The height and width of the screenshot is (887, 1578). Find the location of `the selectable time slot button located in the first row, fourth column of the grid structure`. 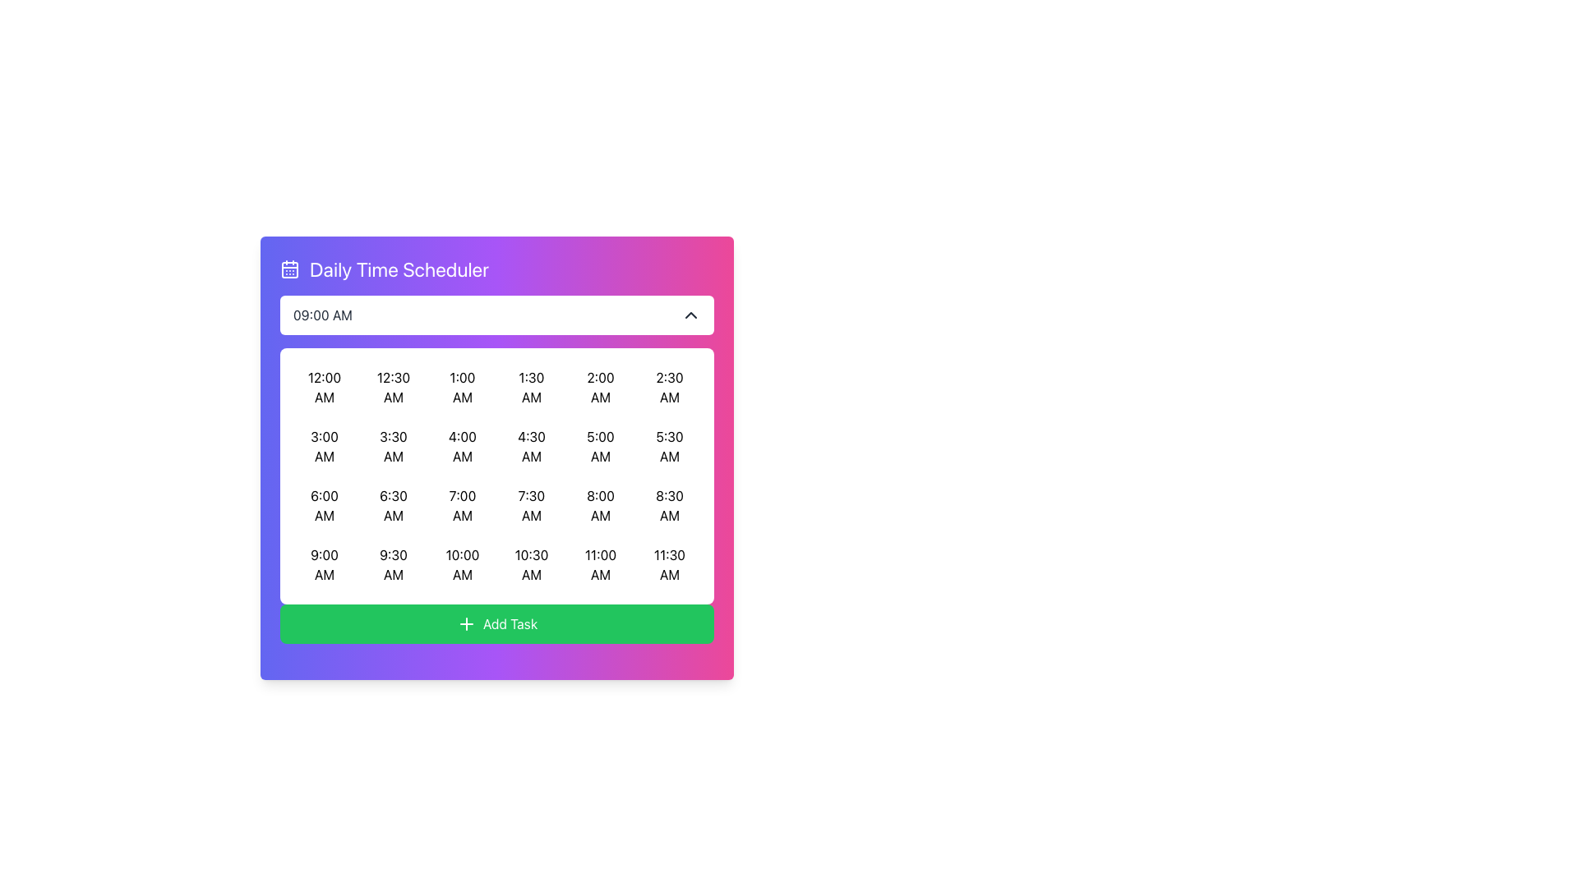

the selectable time slot button located in the first row, fourth column of the grid structure is located at coordinates (532, 387).